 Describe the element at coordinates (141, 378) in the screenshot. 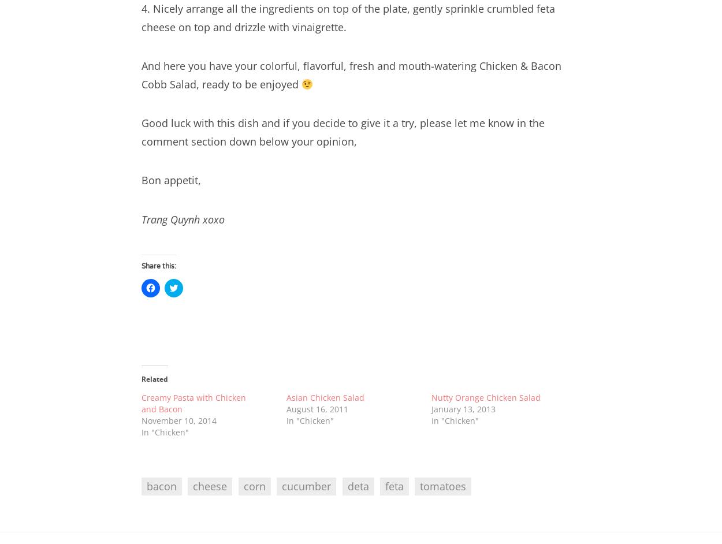

I see `'Related'` at that location.